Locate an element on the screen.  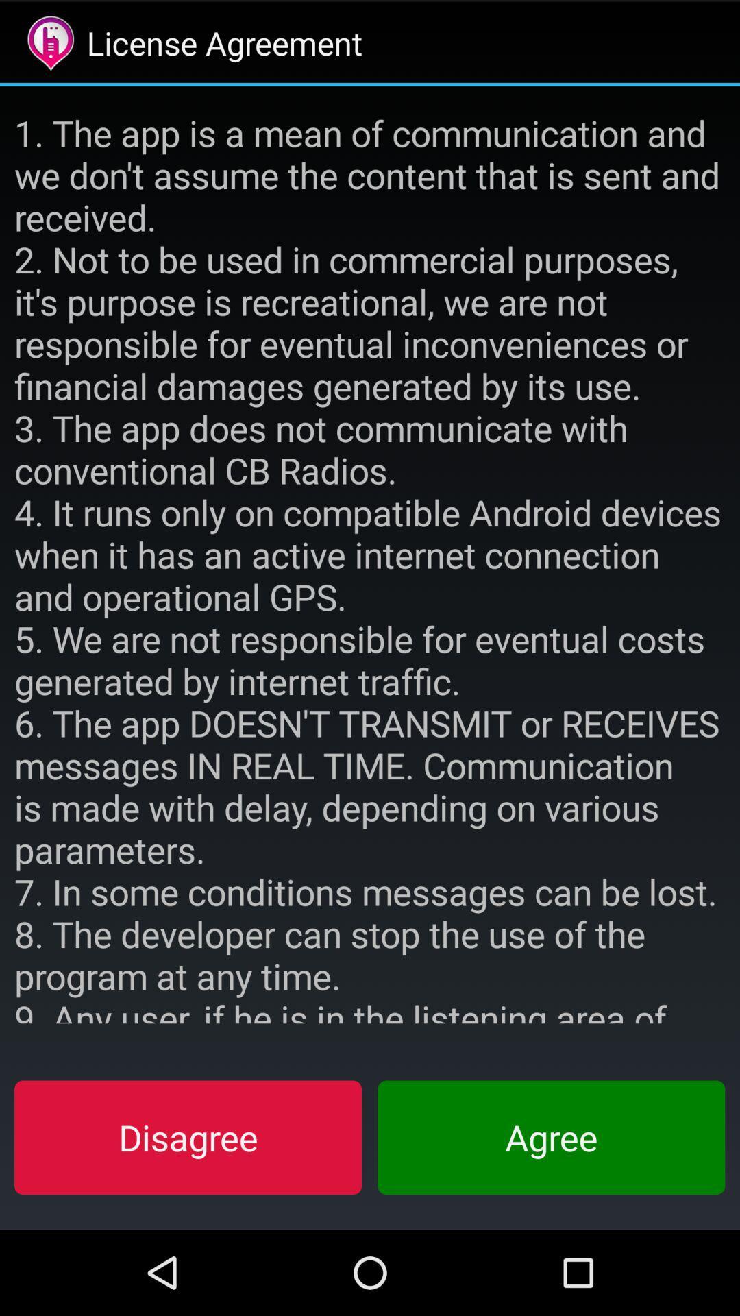
the disagree item is located at coordinates (188, 1137).